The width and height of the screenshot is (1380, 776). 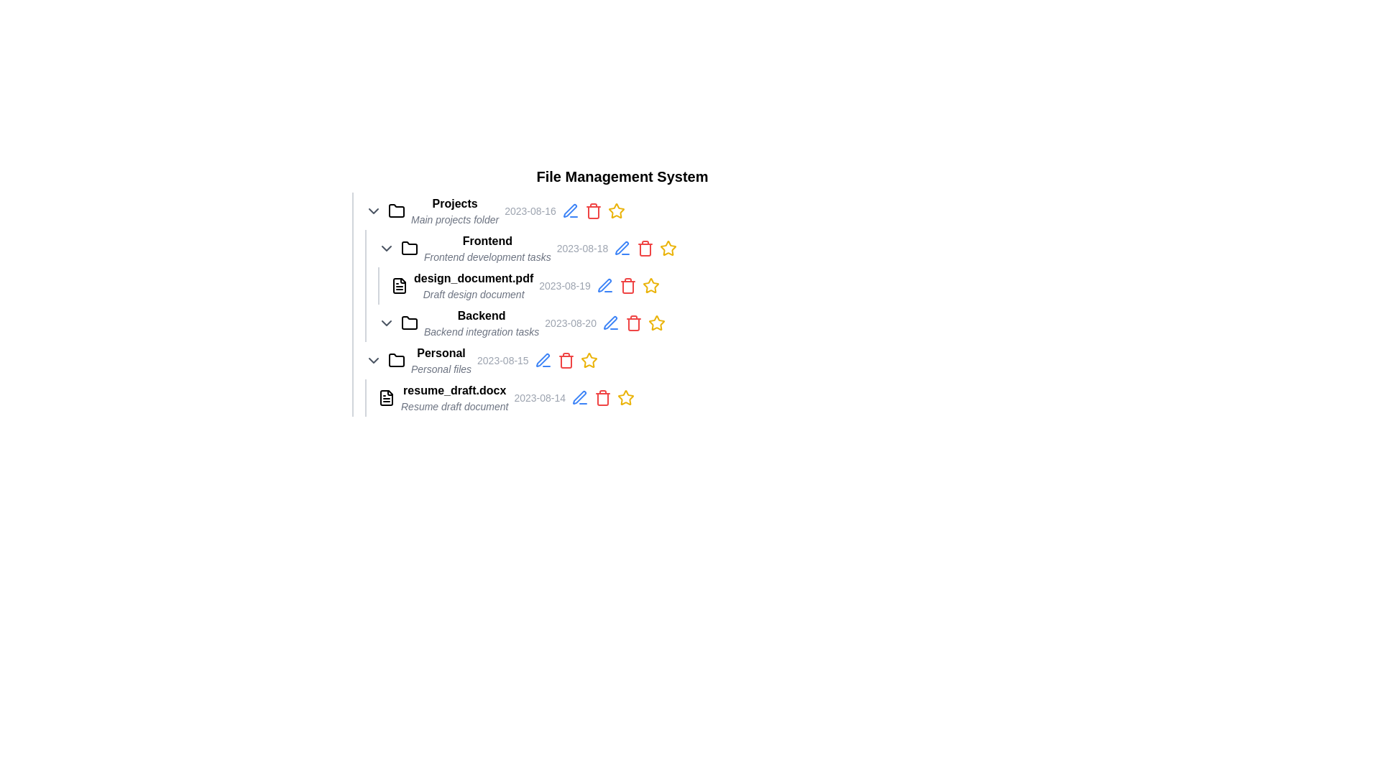 What do you see at coordinates (616, 211) in the screenshot?
I see `the yellow outlined five-pointed star icon to mark the 'Projects' folder as favorite` at bounding box center [616, 211].